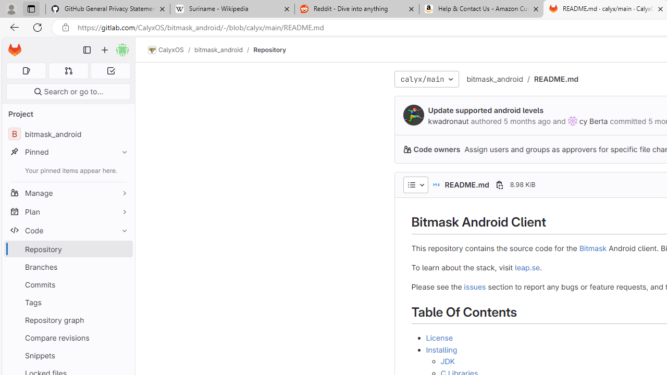  What do you see at coordinates (223, 49) in the screenshot?
I see `'bitmask_android/'` at bounding box center [223, 49].